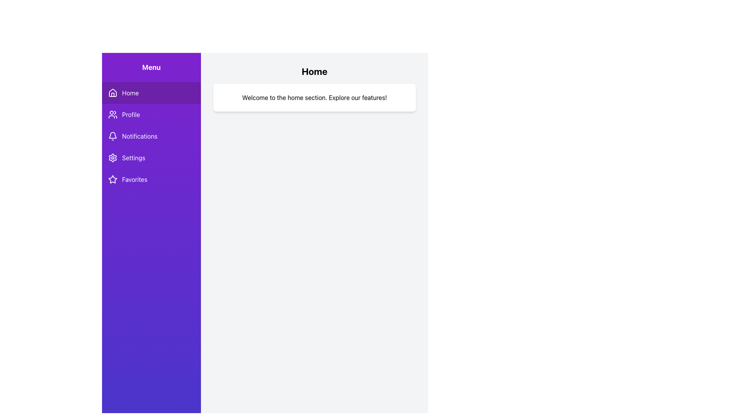 The height and width of the screenshot is (417, 742). I want to click on the 'Notifications' menu item, which is the third option in the vertical menu, positioned between 'Profile' and 'Settings', so click(151, 136).